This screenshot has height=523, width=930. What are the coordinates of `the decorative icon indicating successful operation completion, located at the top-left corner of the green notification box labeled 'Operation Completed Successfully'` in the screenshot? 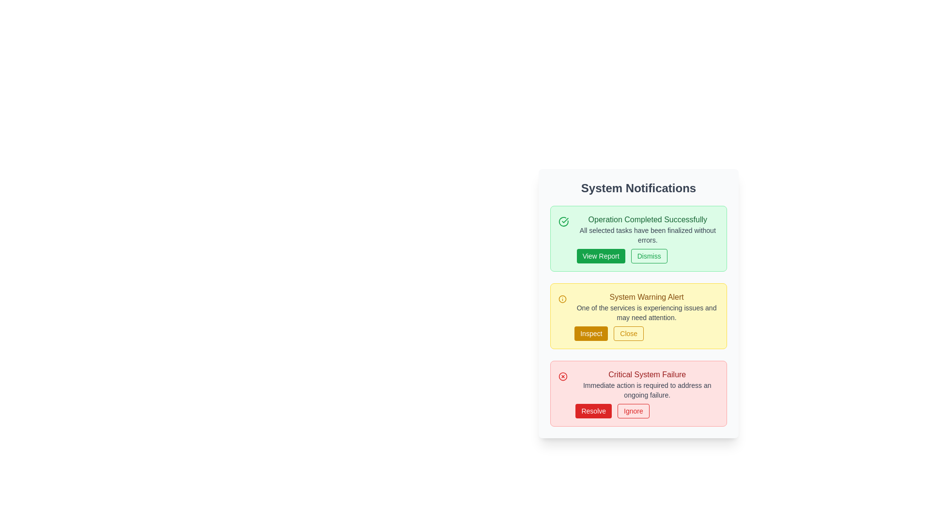 It's located at (563, 222).